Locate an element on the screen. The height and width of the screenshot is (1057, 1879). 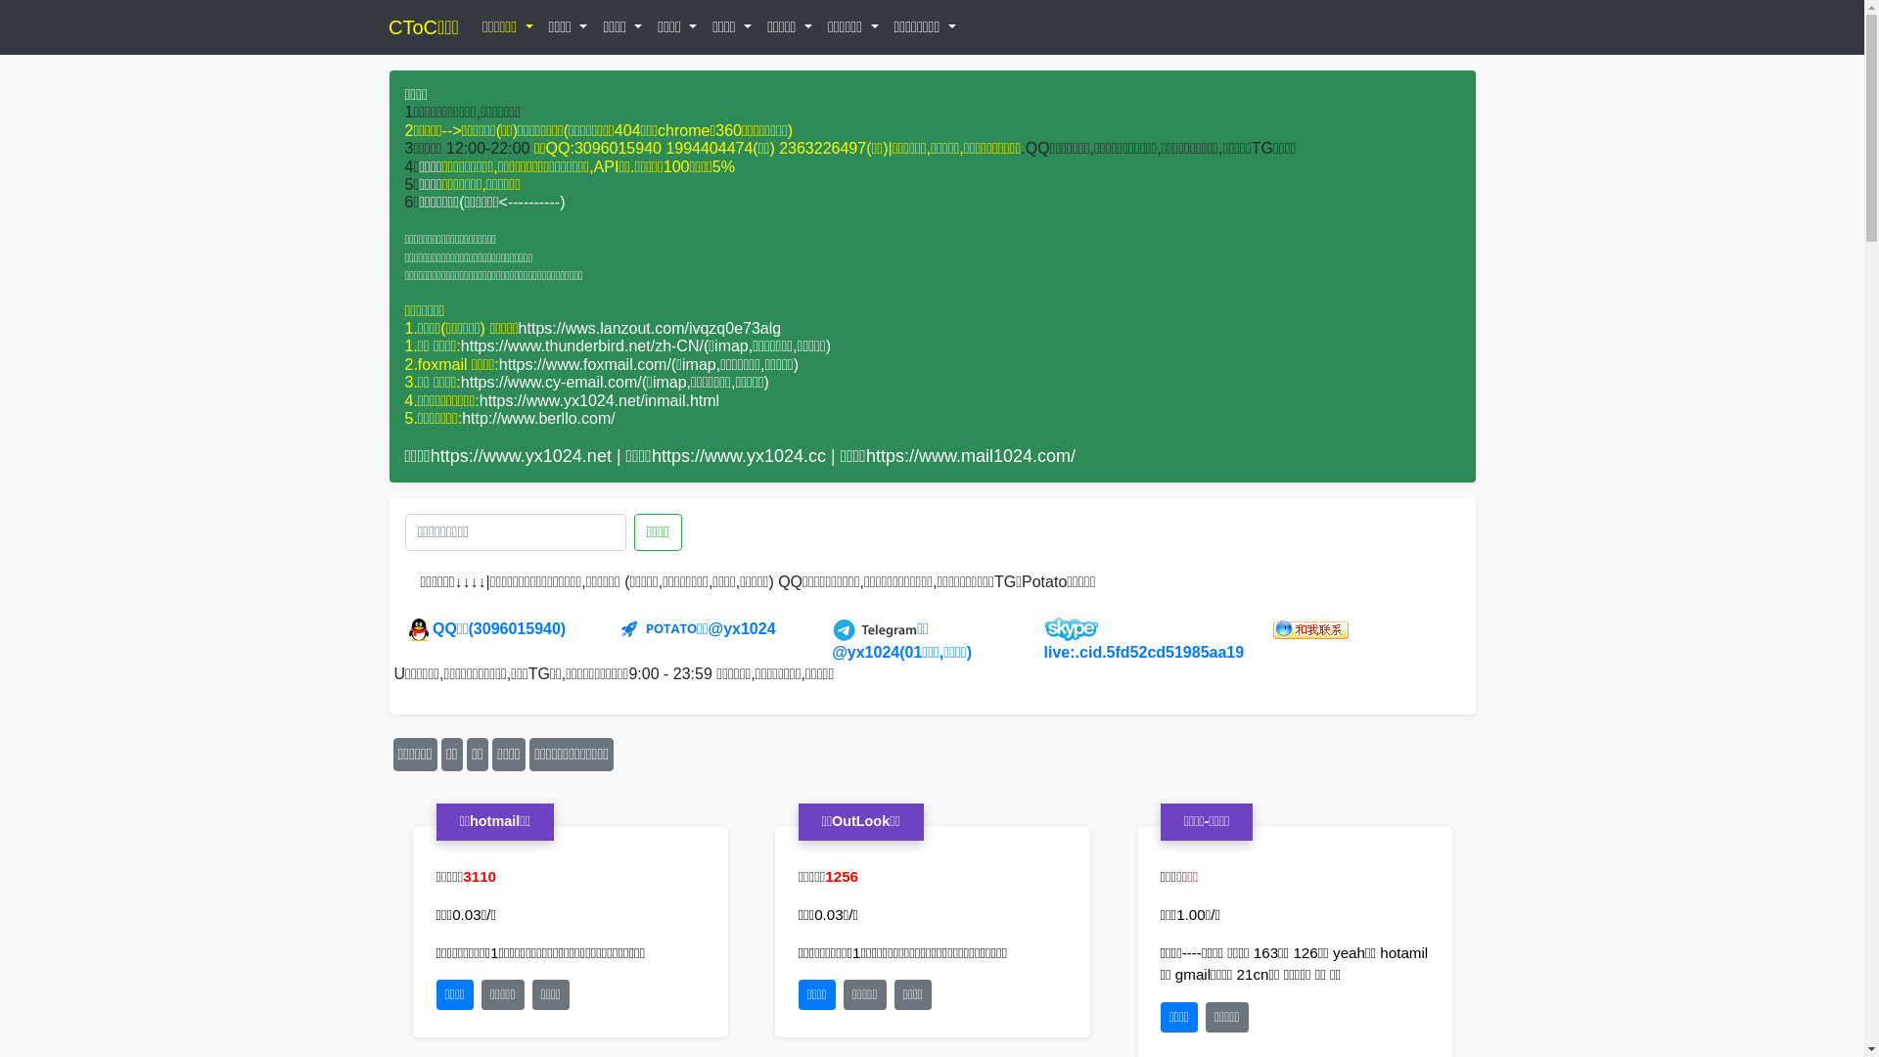
' ' is located at coordinates (417, 26).